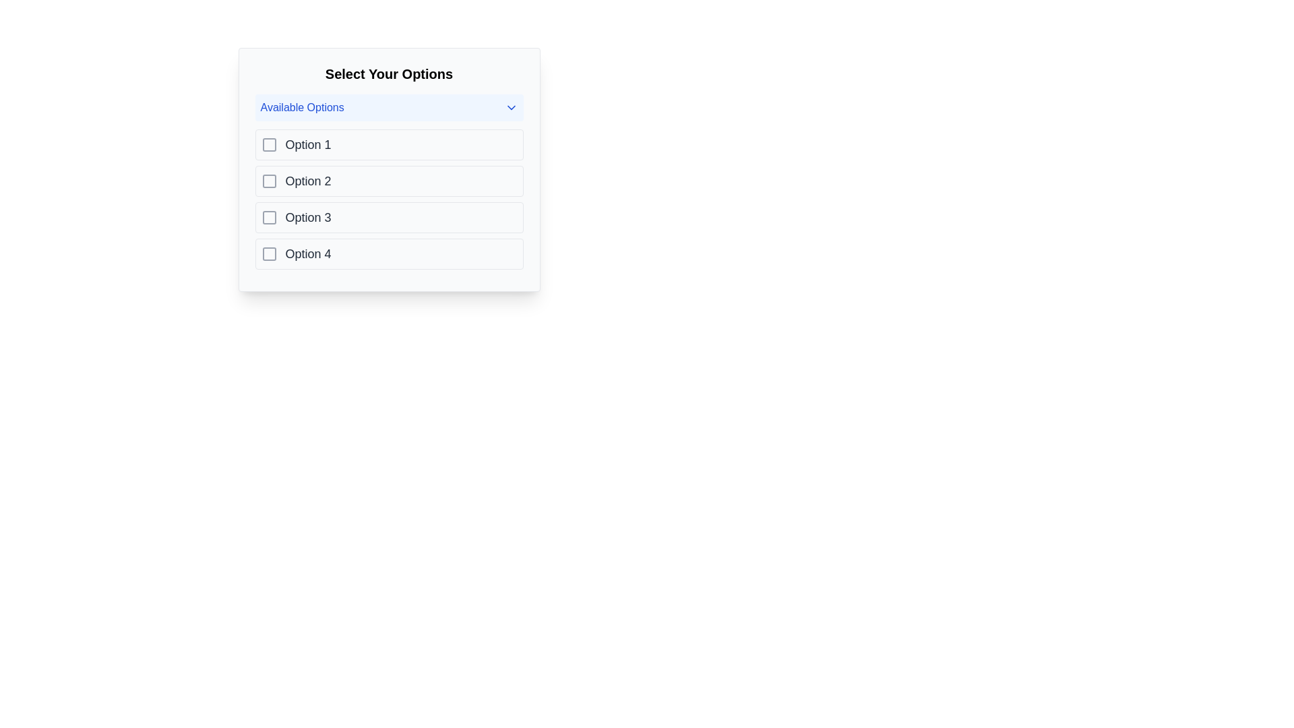 The width and height of the screenshot is (1294, 728). I want to click on static text title that says 'Select Your Options', which is bold and large, centrally aligned at the top of the card layout, so click(388, 74).